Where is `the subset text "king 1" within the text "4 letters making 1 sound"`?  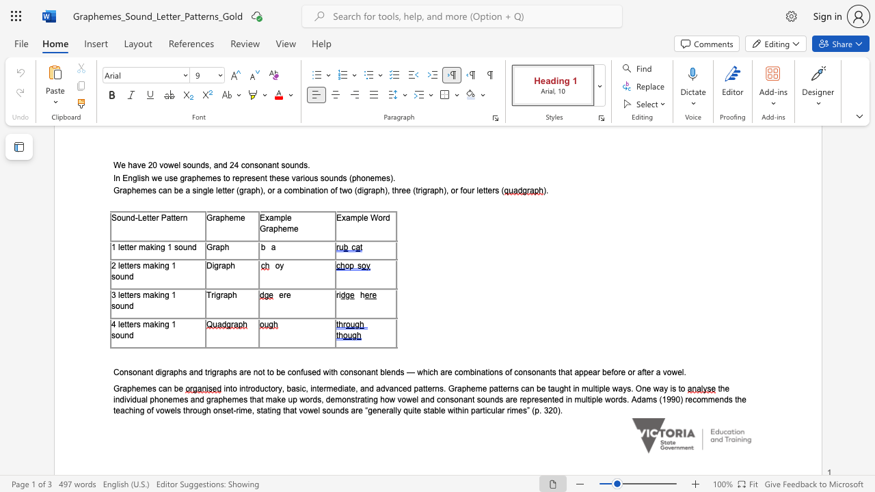 the subset text "king 1" within the text "4 letters making 1 sound" is located at coordinates (154, 324).